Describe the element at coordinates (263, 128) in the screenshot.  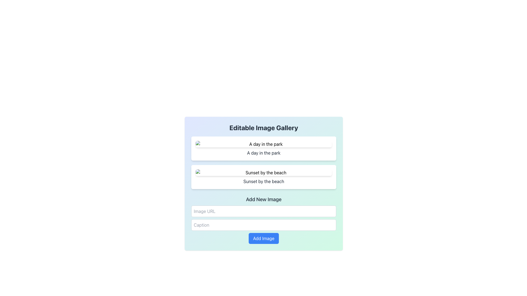
I see `the Text (Header) element that serves as the title for the editable image gallery interface, which is centered horizontally at the top of the card-like structure` at that location.